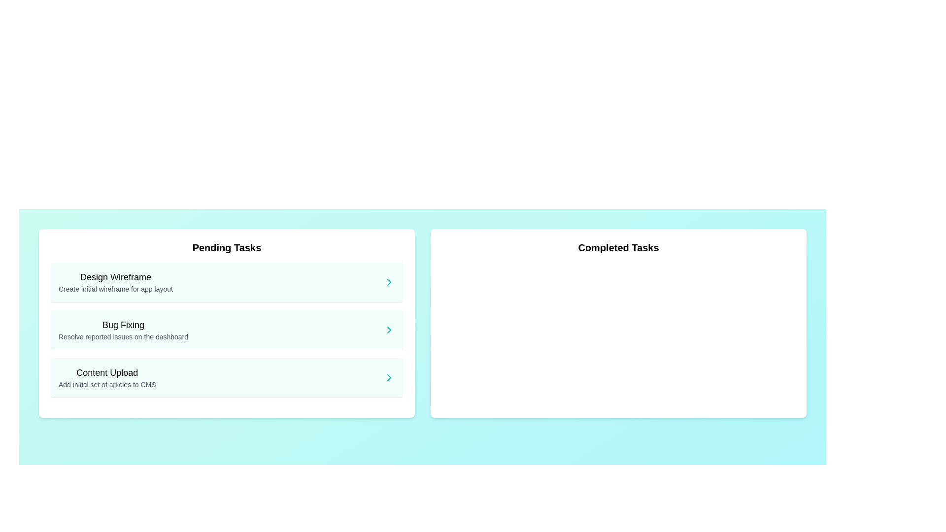  I want to click on the teal-colored right-pointing chevron icon located in the bottom-right corner of the 'Content Upload' card in the 'Pending Tasks' list, so click(389, 377).